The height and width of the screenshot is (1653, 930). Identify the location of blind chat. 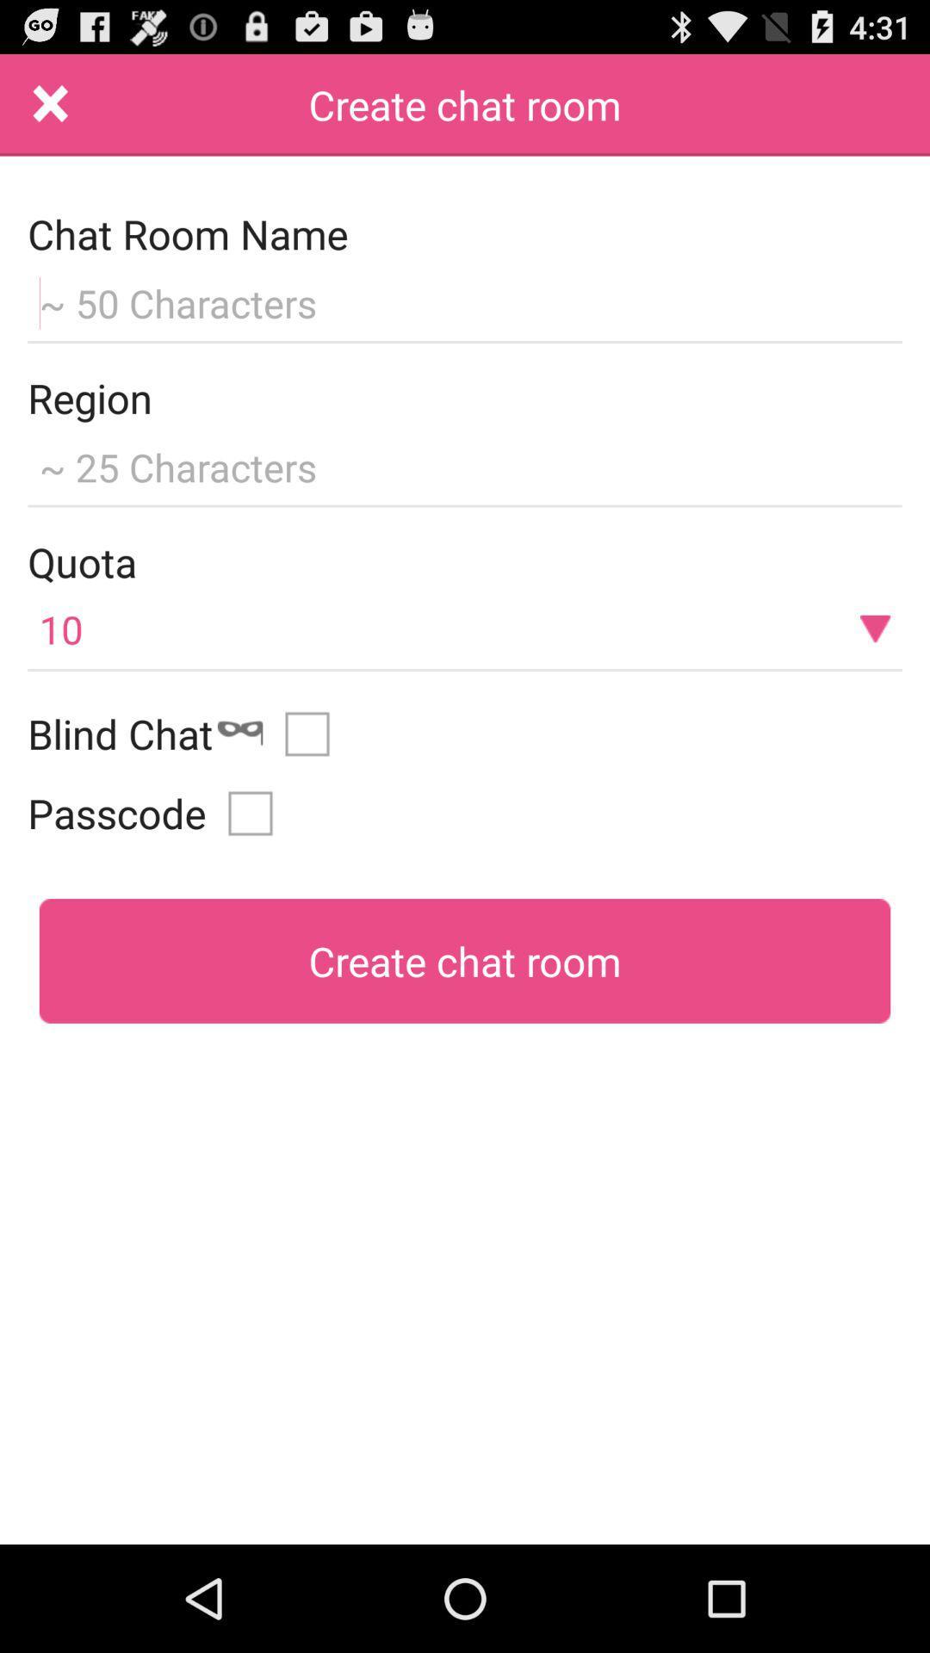
(313, 734).